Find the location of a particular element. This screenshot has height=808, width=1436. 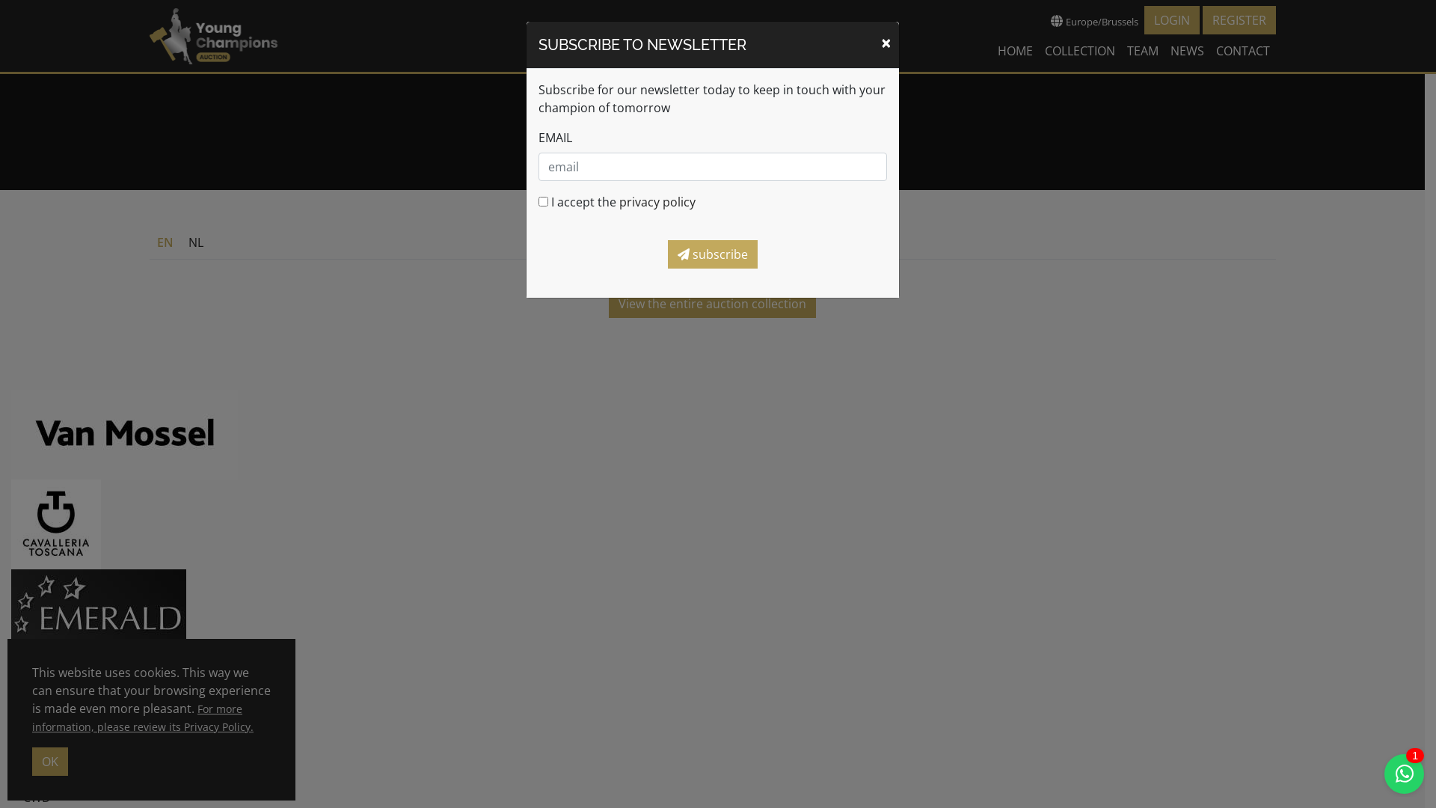

'LOGIN' is located at coordinates (1170, 20).